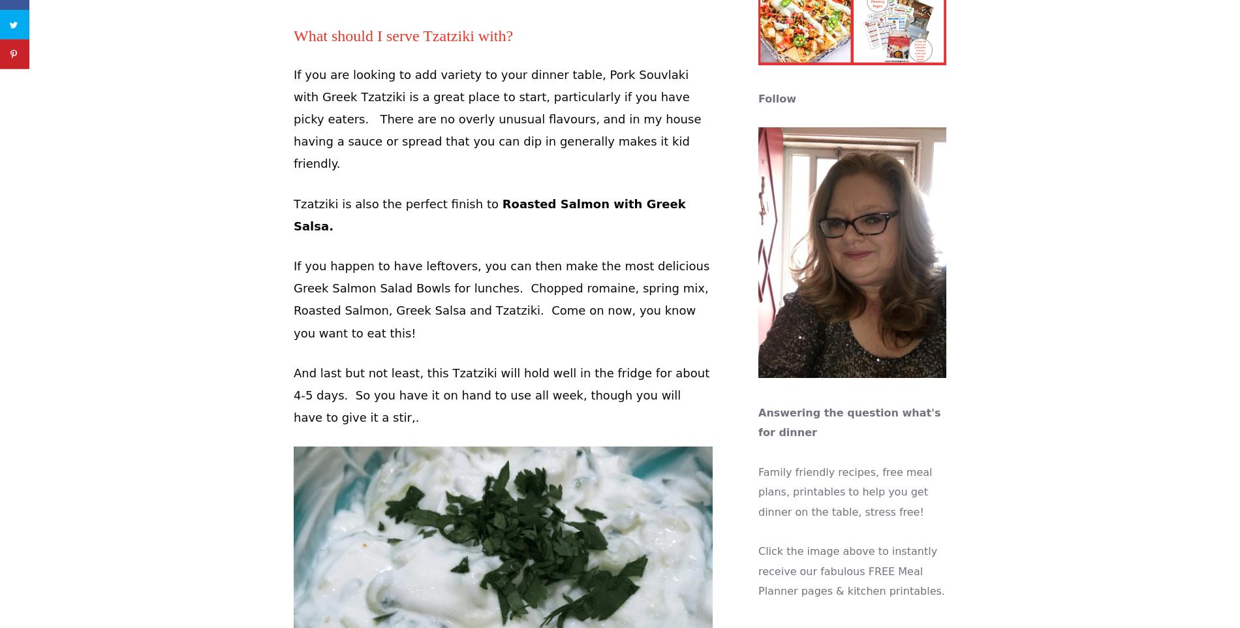  I want to click on 'What should I serve Tzatziki with?', so click(403, 36).